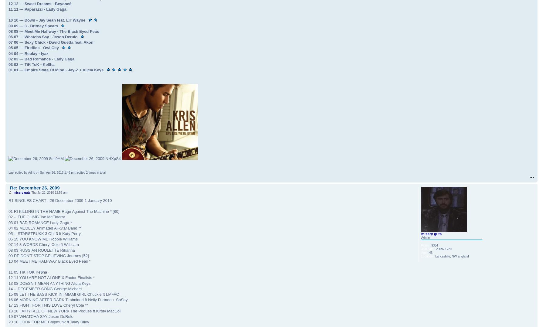 This screenshot has width=543, height=327. What do you see at coordinates (65, 310) in the screenshot?
I see `'18 18 FAIRYTALE OF NEW YORK The Pogues ft Kirsty MacColl'` at bounding box center [65, 310].